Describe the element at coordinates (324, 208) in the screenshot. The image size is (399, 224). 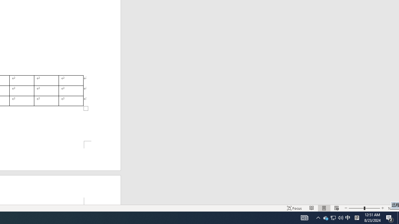
I see `'Print Layout'` at that location.